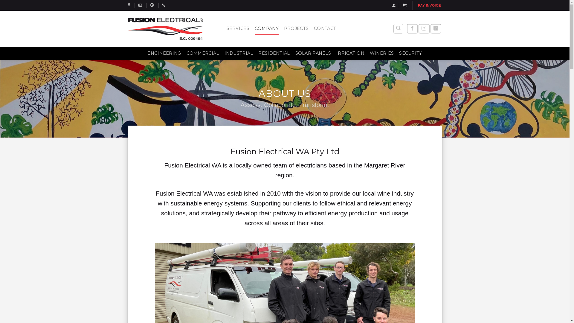  Describe the element at coordinates (141, 5) in the screenshot. I see `'works@fusionelectricalwa.com'` at that location.